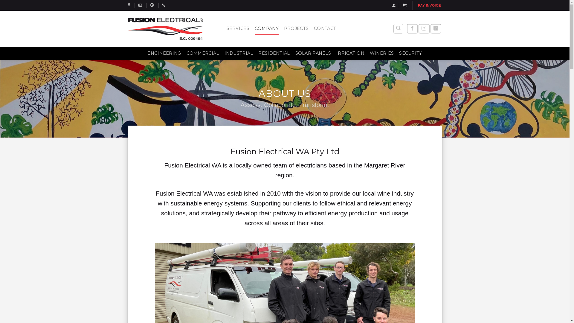  Describe the element at coordinates (141, 5) in the screenshot. I see `'works@fusionelectricalwa.com'` at that location.